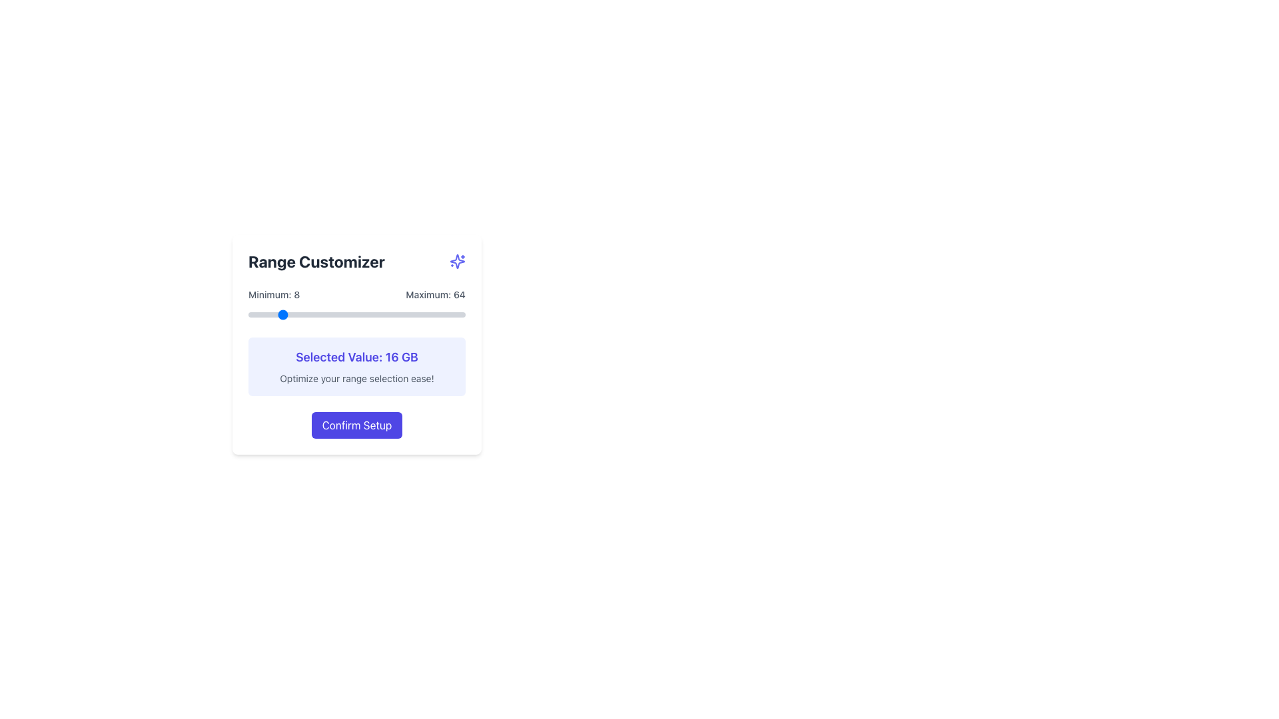  Describe the element at coordinates (357, 315) in the screenshot. I see `the range slider element that allows users to select a numeric value between 8 and 64 for potential visual feedback` at that location.